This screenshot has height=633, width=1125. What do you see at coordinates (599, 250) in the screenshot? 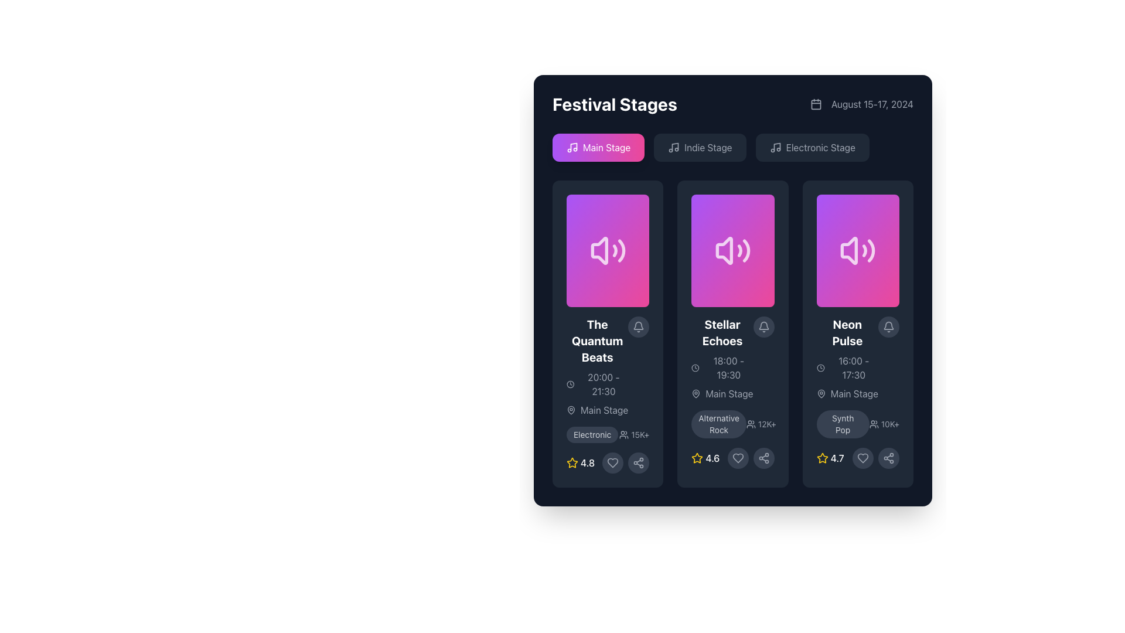
I see `the volume icon representing audio content in the leftmost card of the three-card layout` at bounding box center [599, 250].